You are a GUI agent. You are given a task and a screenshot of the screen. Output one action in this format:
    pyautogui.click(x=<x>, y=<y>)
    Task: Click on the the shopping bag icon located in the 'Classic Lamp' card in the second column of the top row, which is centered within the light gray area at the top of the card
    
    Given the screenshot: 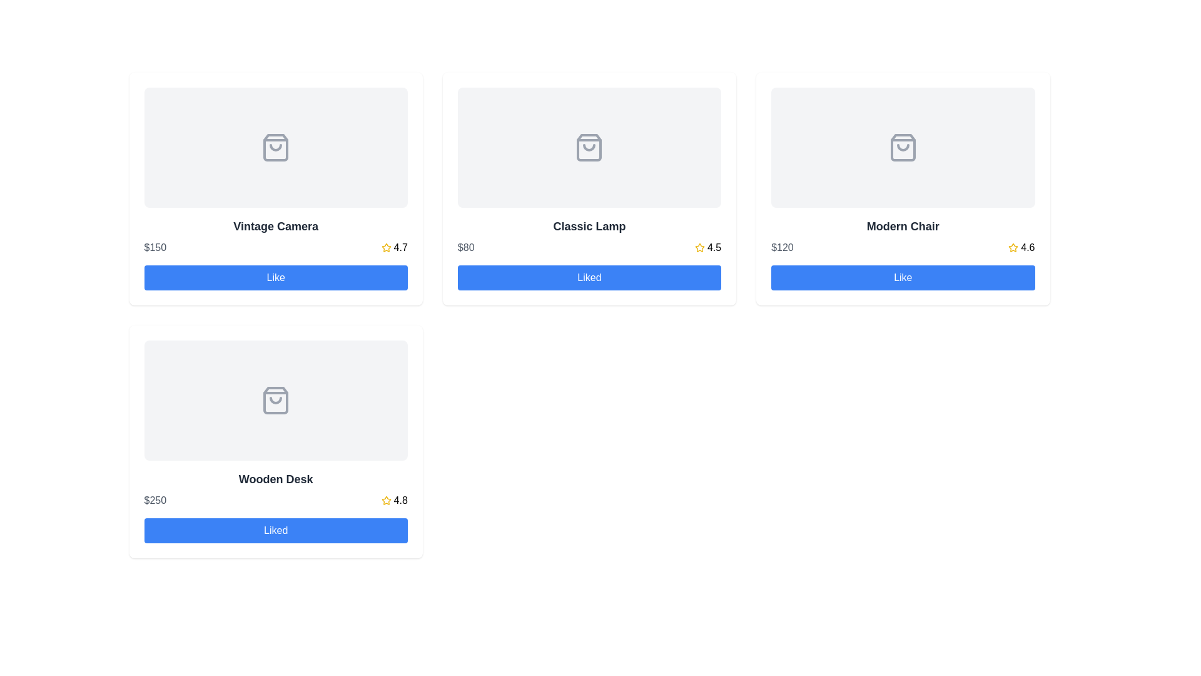 What is the action you would take?
    pyautogui.click(x=589, y=146)
    